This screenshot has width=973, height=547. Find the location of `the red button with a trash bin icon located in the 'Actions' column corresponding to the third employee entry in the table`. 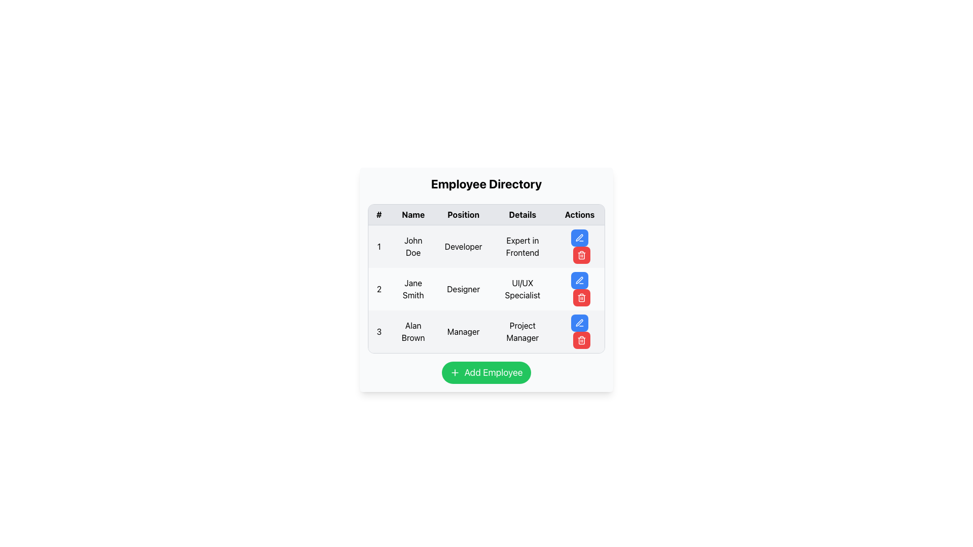

the red button with a trash bin icon located in the 'Actions' column corresponding to the third employee entry in the table is located at coordinates (582, 340).